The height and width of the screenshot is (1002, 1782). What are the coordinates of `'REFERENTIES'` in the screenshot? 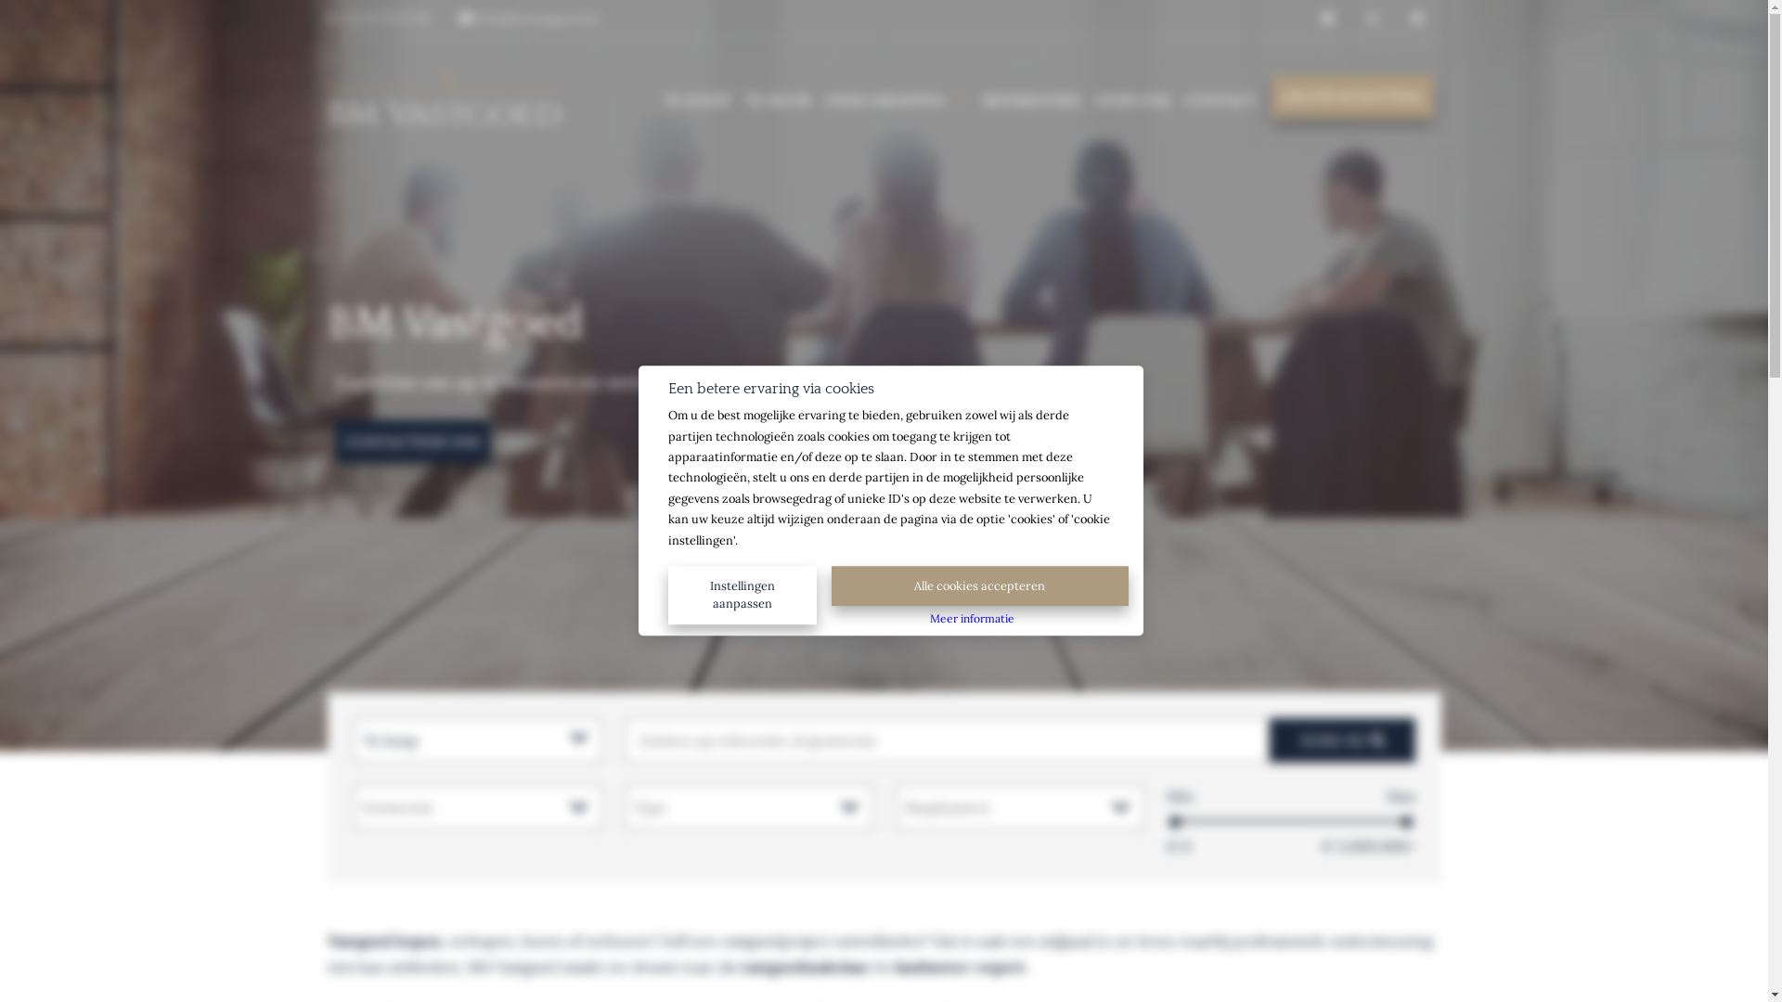 It's located at (1030, 97).